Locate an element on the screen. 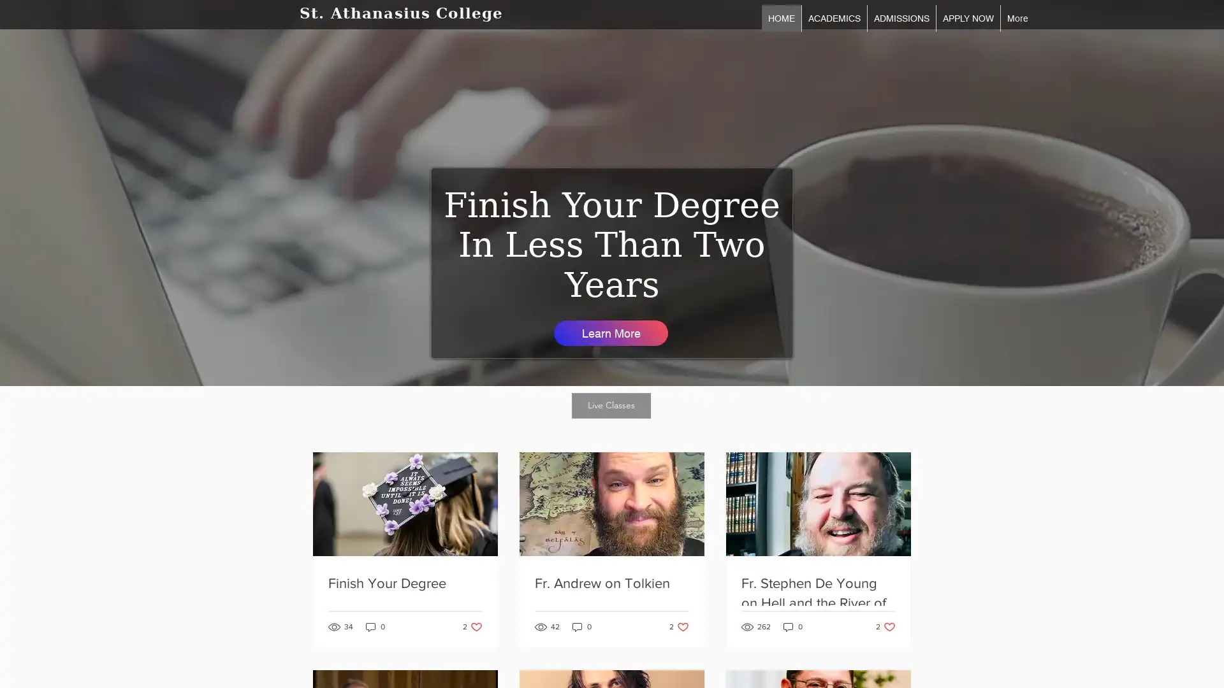 Image resolution: width=1224 pixels, height=688 pixels. 2 likes. Post not marked as liked is located at coordinates (678, 626).